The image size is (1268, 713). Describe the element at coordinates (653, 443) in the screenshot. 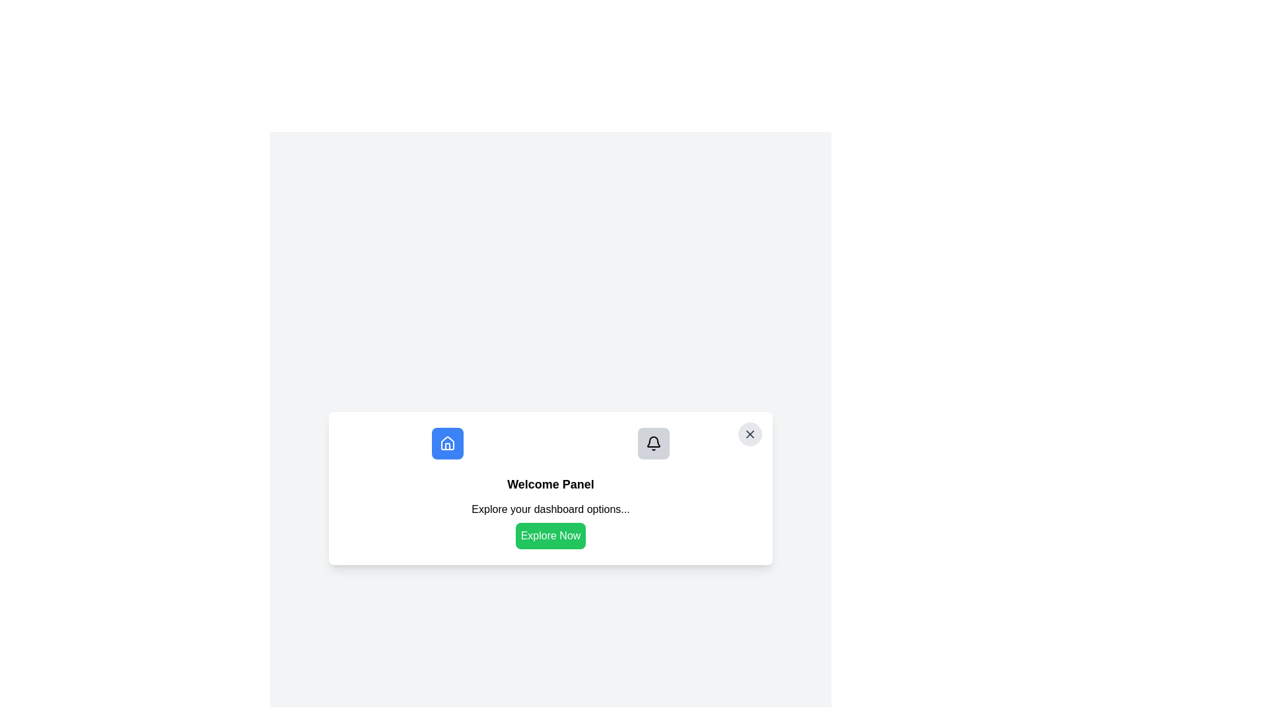

I see `the notifications button located in the center-bottom part of the modal window` at that location.